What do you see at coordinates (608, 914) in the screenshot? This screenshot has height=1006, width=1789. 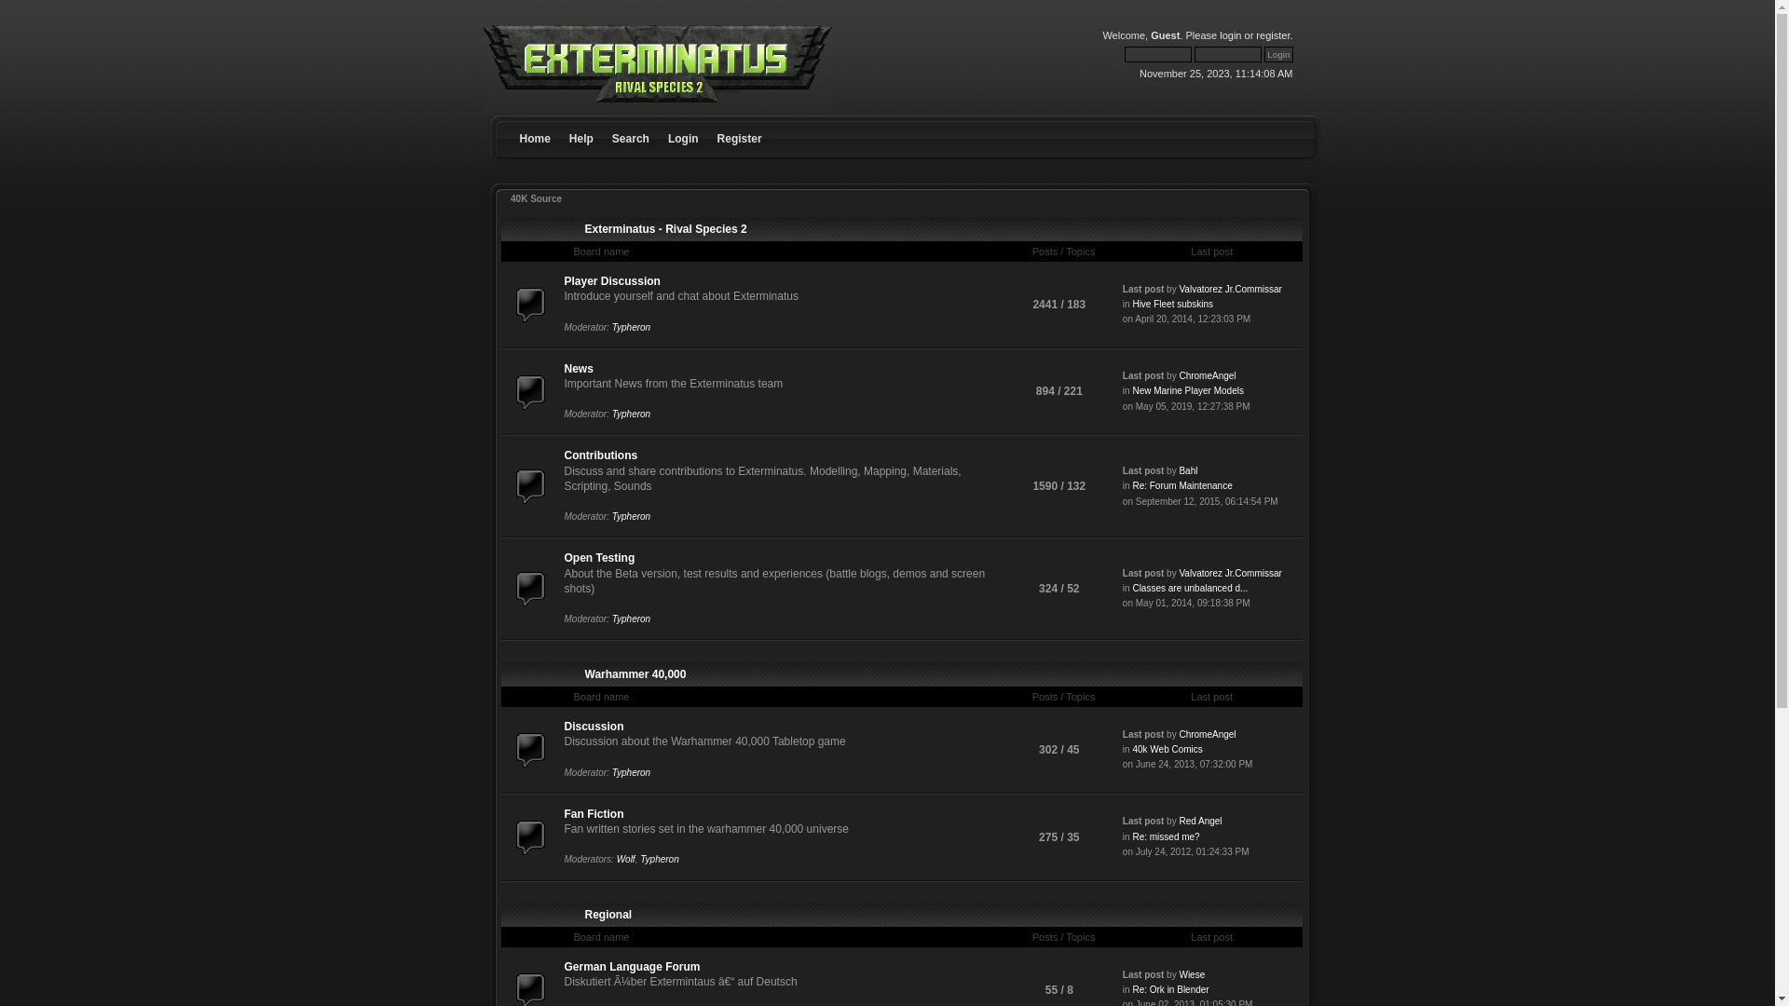 I see `'Regional'` at bounding box center [608, 914].